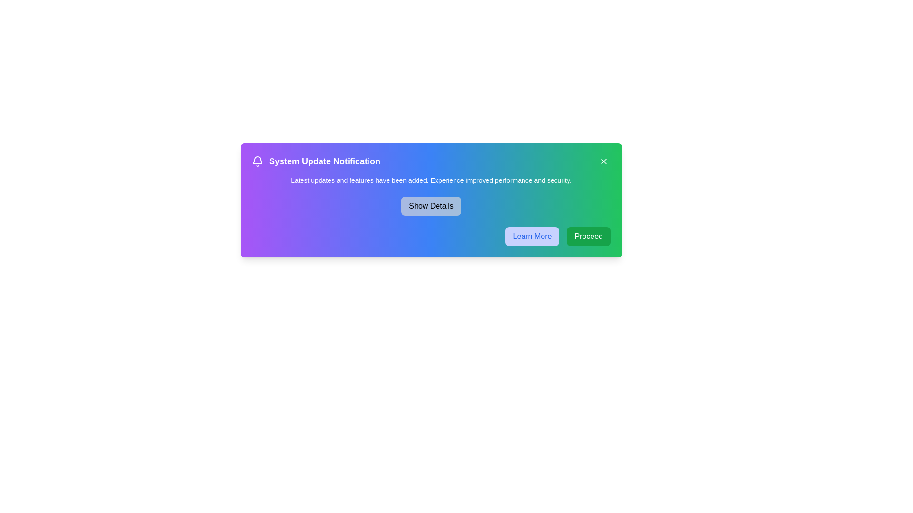 This screenshot has height=513, width=913. What do you see at coordinates (316, 161) in the screenshot?
I see `the header element of the notification card, which includes a bell icon and text indicating a system update, located at the top-left corner` at bounding box center [316, 161].